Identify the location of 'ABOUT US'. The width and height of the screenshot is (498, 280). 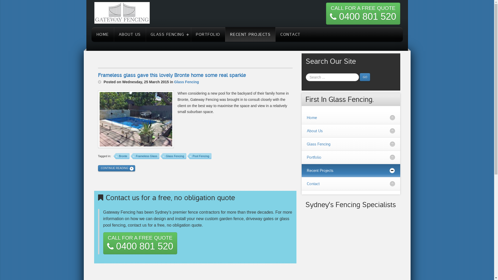
(129, 34).